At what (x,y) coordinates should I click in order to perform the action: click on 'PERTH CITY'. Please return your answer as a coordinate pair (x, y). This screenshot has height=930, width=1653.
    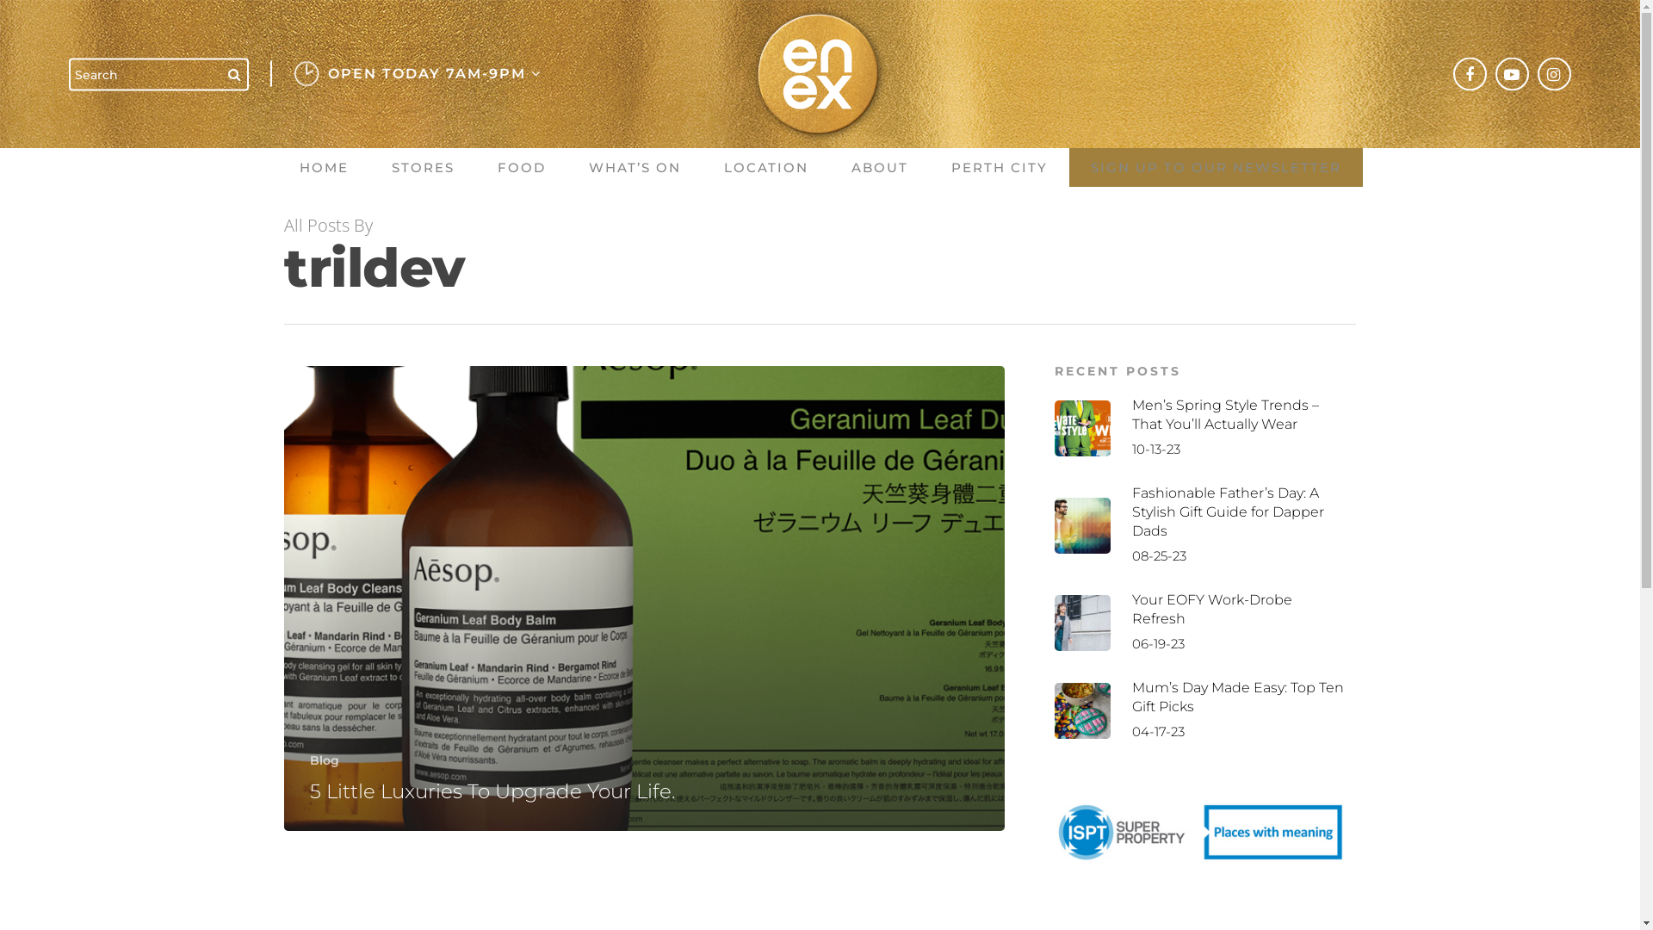
    Looking at the image, I should click on (1000, 167).